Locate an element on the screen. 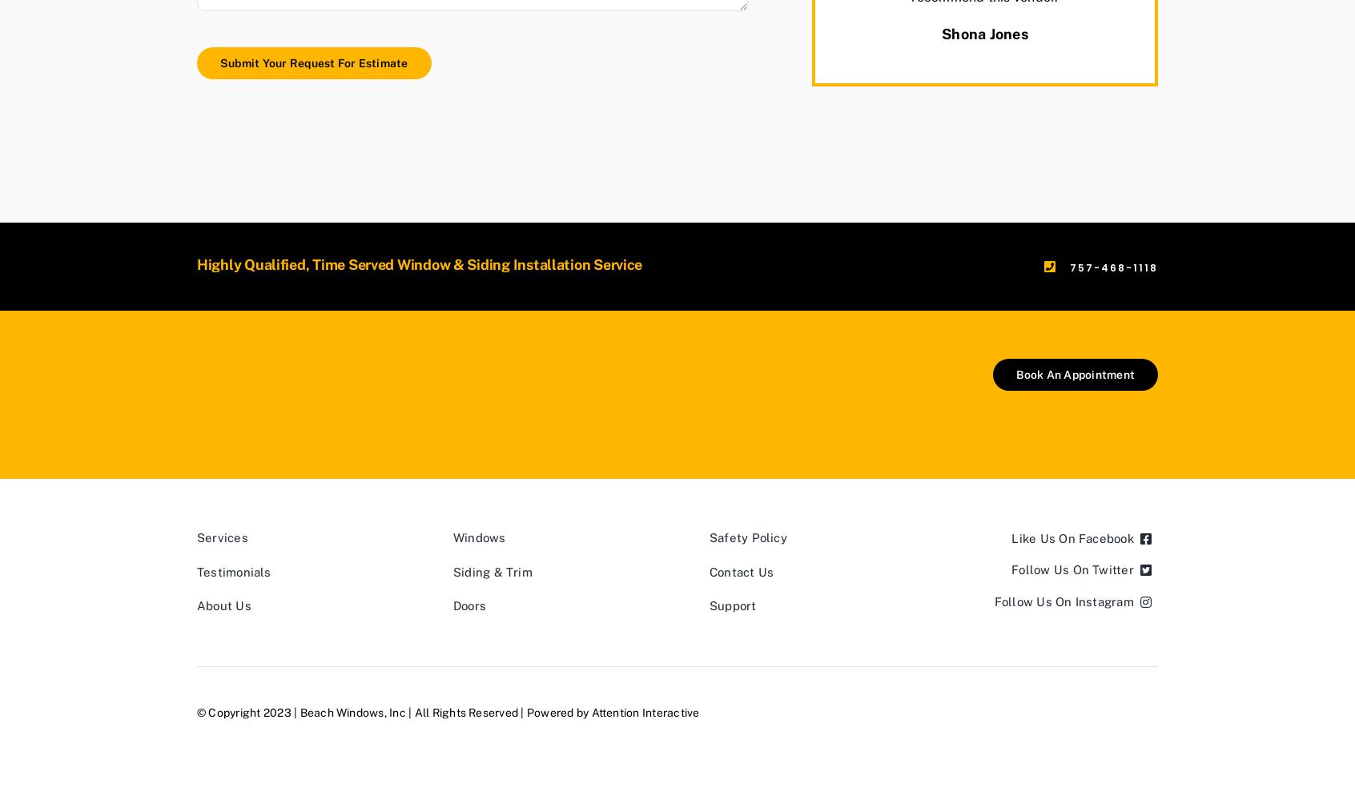 The image size is (1355, 796). '© Copyright 2023 |  Beach Windows, Inc   |   All Rights Reserved   |   Powered by' is located at coordinates (197, 711).